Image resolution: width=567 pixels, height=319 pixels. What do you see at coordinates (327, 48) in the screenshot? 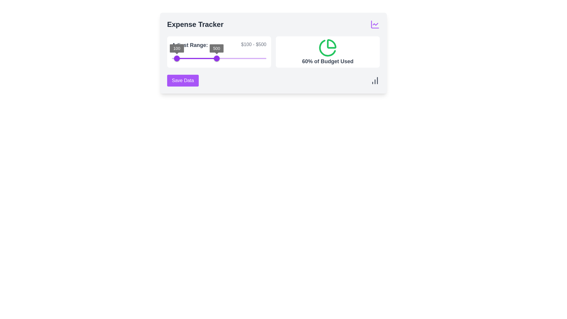
I see `the green-filled segment of the pie chart that represents 60% of Budget Used, located in the bottom left of the chart` at bounding box center [327, 48].